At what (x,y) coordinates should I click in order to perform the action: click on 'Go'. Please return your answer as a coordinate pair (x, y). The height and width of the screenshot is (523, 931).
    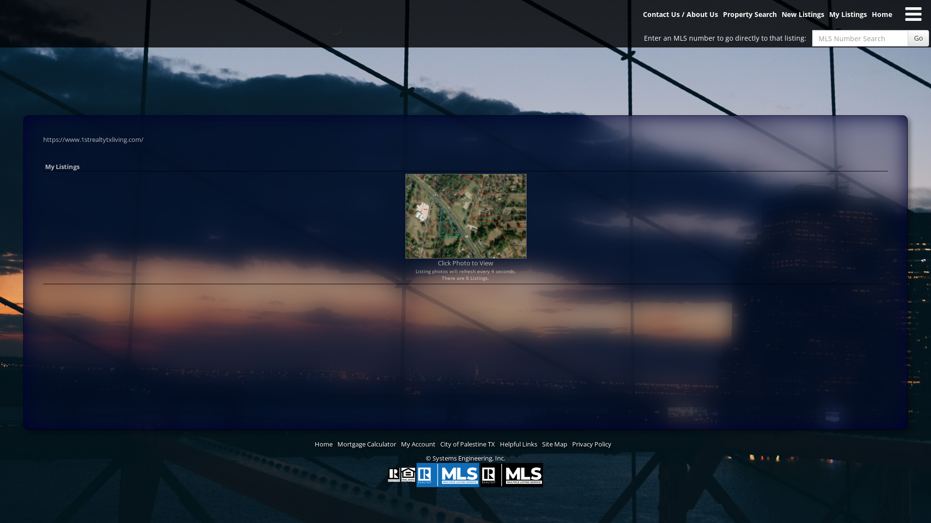
    Looking at the image, I should click on (918, 37).